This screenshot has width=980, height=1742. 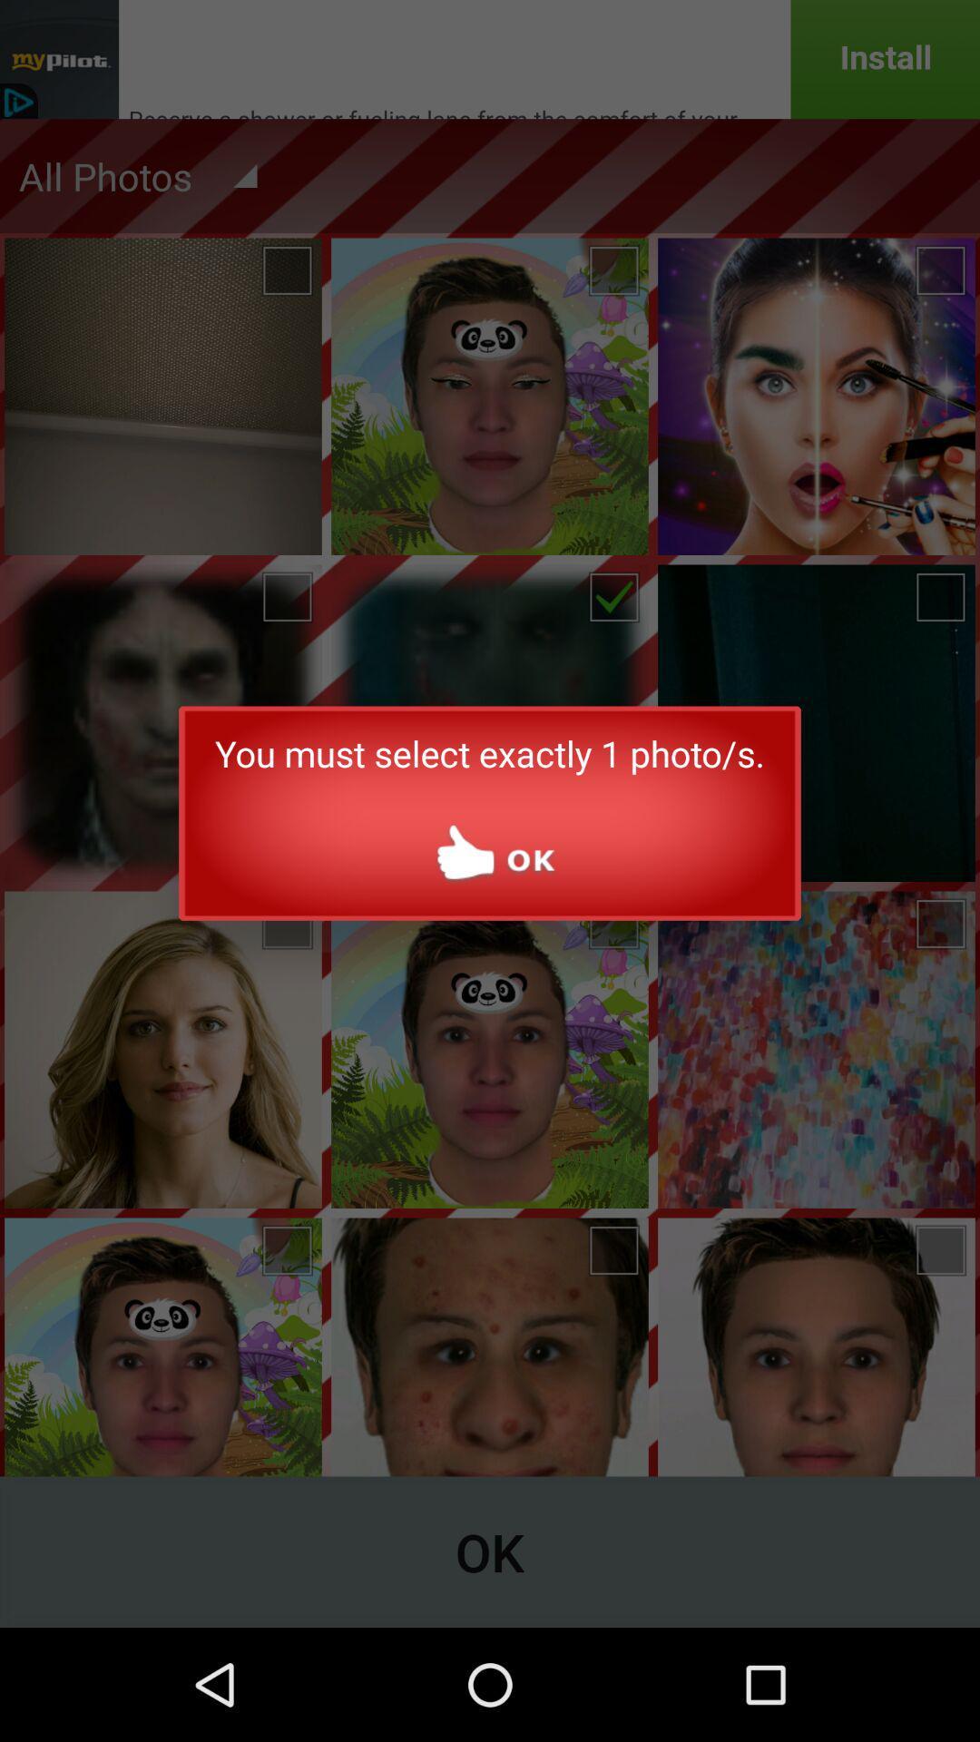 I want to click on the label icon, so click(x=799, y=201).